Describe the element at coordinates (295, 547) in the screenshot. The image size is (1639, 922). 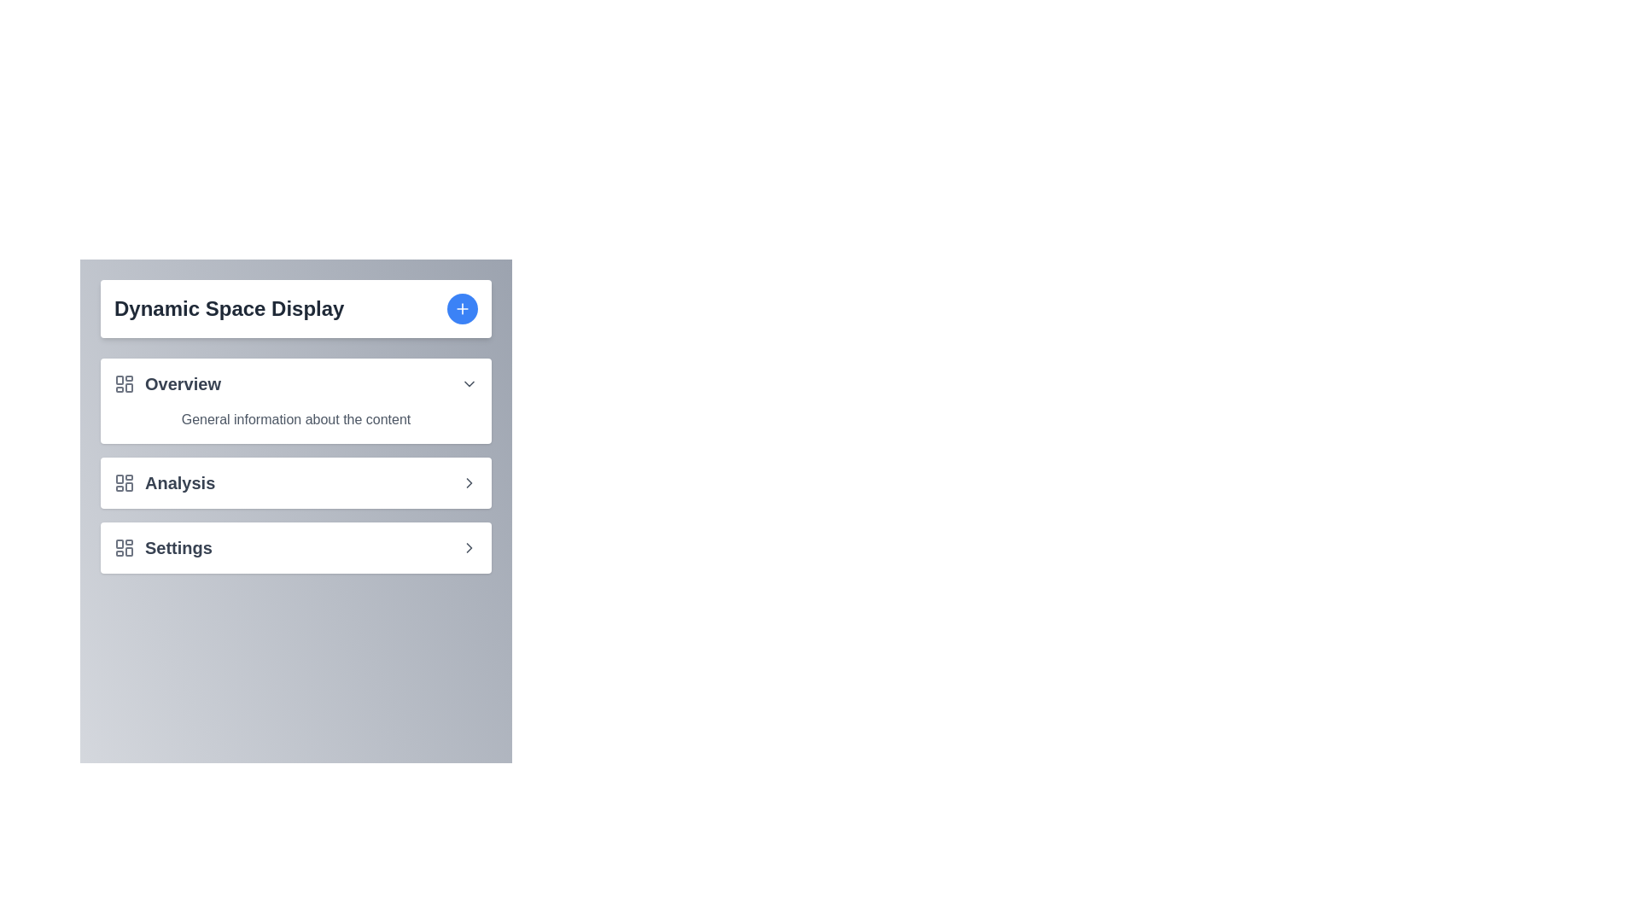
I see `the 'Settings' Navigation Menu Item, which is the third item in a vertical list` at that location.